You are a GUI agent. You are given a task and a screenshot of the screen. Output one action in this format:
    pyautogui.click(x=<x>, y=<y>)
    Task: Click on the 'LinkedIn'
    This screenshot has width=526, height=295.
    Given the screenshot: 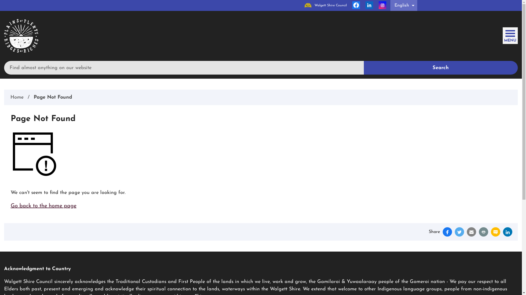 What is the action you would take?
    pyautogui.click(x=503, y=232)
    